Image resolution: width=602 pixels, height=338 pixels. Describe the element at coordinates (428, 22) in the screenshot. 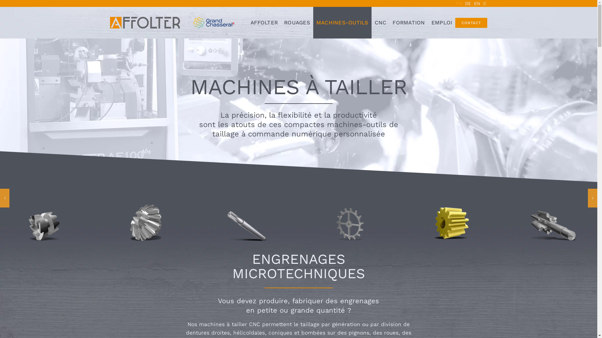

I see `'EMPLOI'` at that location.